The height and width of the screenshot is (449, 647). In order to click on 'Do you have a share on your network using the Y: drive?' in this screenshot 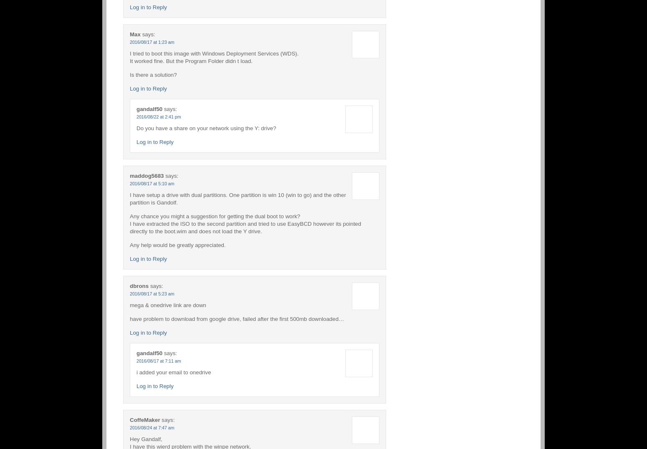, I will do `click(205, 127)`.